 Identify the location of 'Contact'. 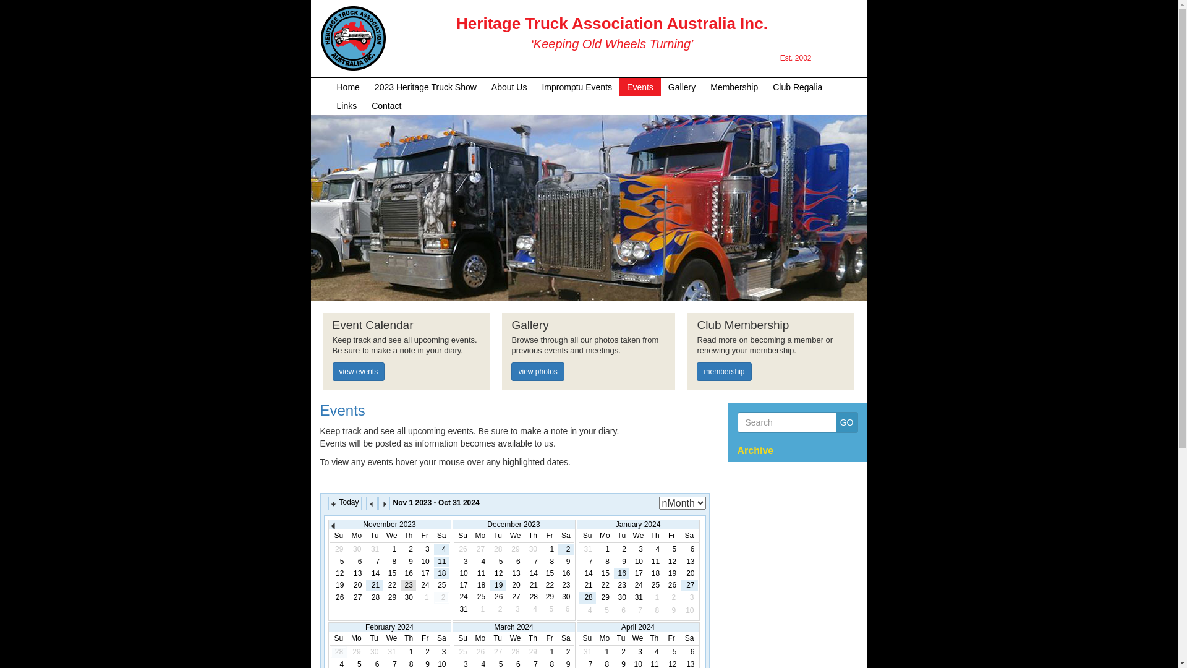
(385, 105).